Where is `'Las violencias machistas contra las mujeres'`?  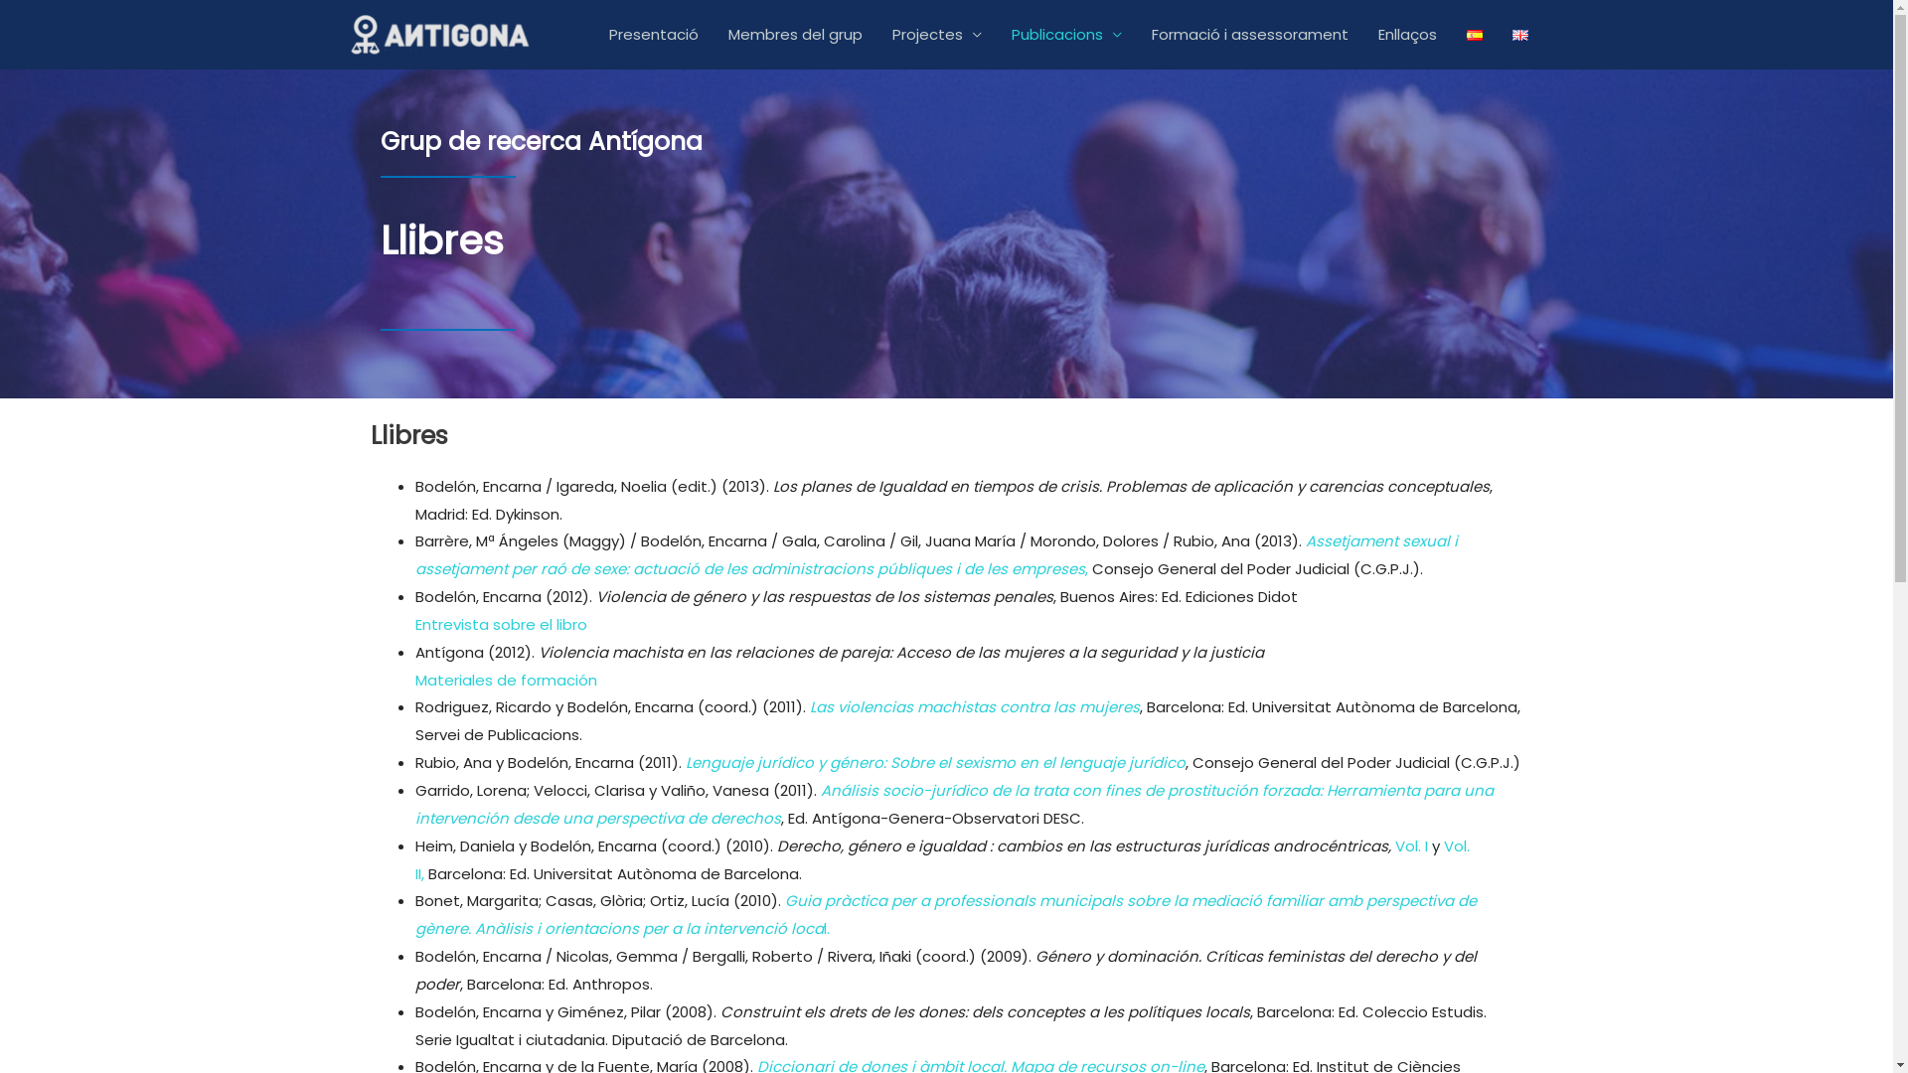
'Las violencias machistas contra las mujeres' is located at coordinates (973, 705).